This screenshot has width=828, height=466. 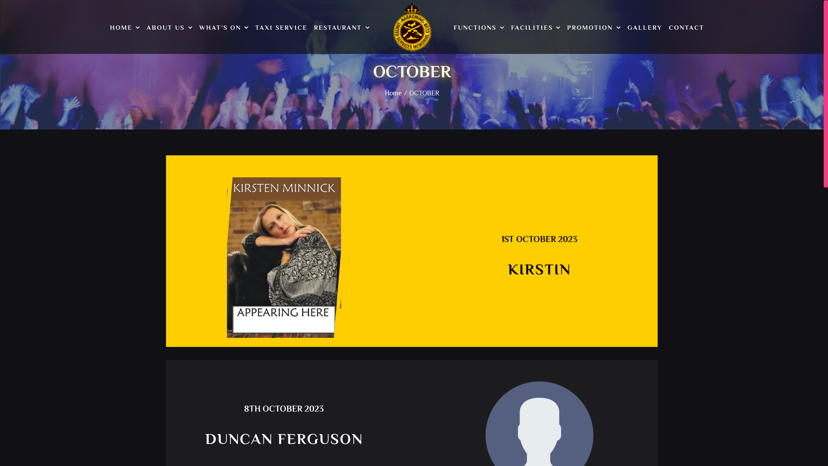 I want to click on 'Kirsten A4 Print_page-0001-min', so click(x=284, y=257).